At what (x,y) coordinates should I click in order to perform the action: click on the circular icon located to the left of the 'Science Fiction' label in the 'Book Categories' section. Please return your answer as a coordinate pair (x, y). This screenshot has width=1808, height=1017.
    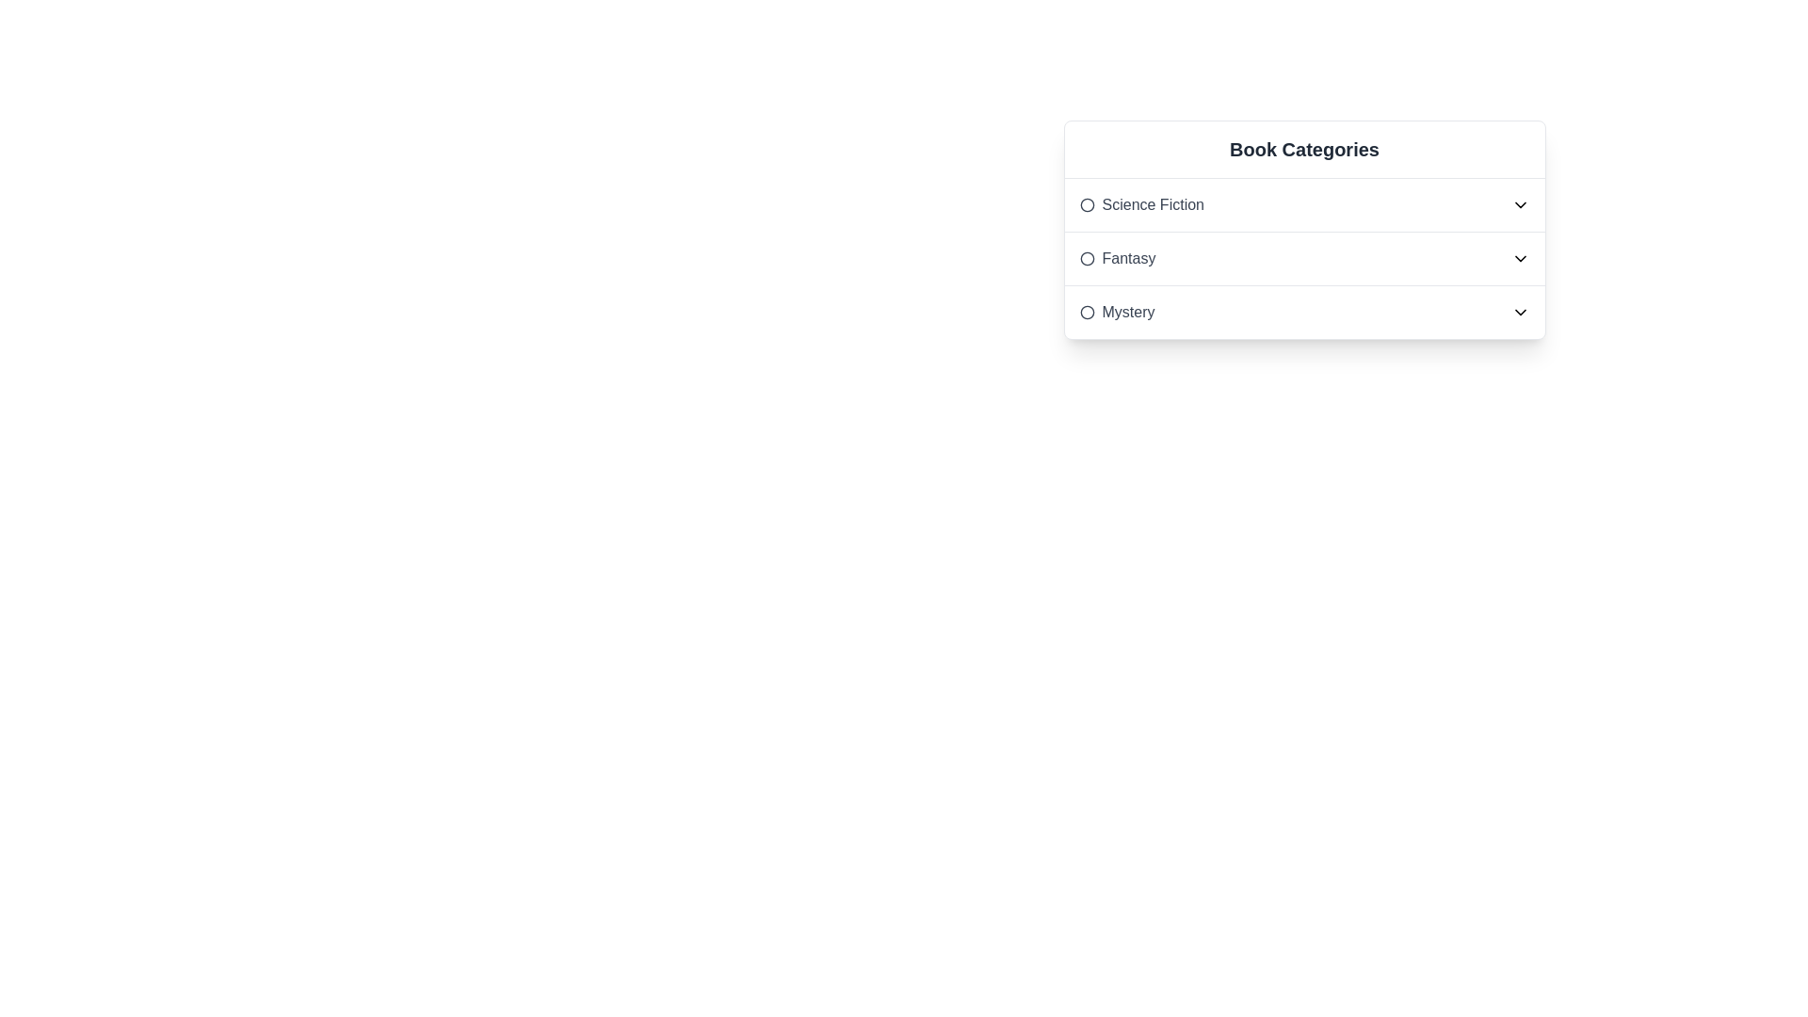
    Looking at the image, I should click on (1087, 205).